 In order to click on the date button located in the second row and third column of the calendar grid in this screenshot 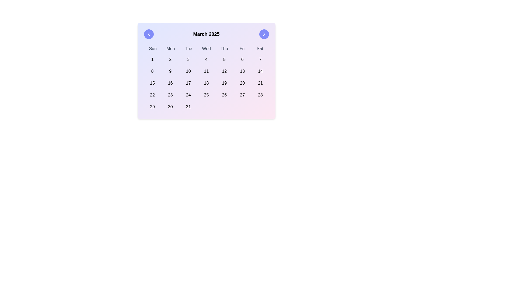, I will do `click(188, 71)`.